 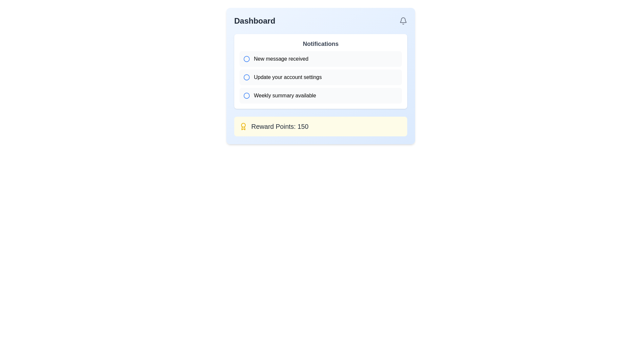 What do you see at coordinates (403, 21) in the screenshot?
I see `the gray outlined bell icon located in the top-right corner of the header next to the 'Dashboard' text` at bounding box center [403, 21].